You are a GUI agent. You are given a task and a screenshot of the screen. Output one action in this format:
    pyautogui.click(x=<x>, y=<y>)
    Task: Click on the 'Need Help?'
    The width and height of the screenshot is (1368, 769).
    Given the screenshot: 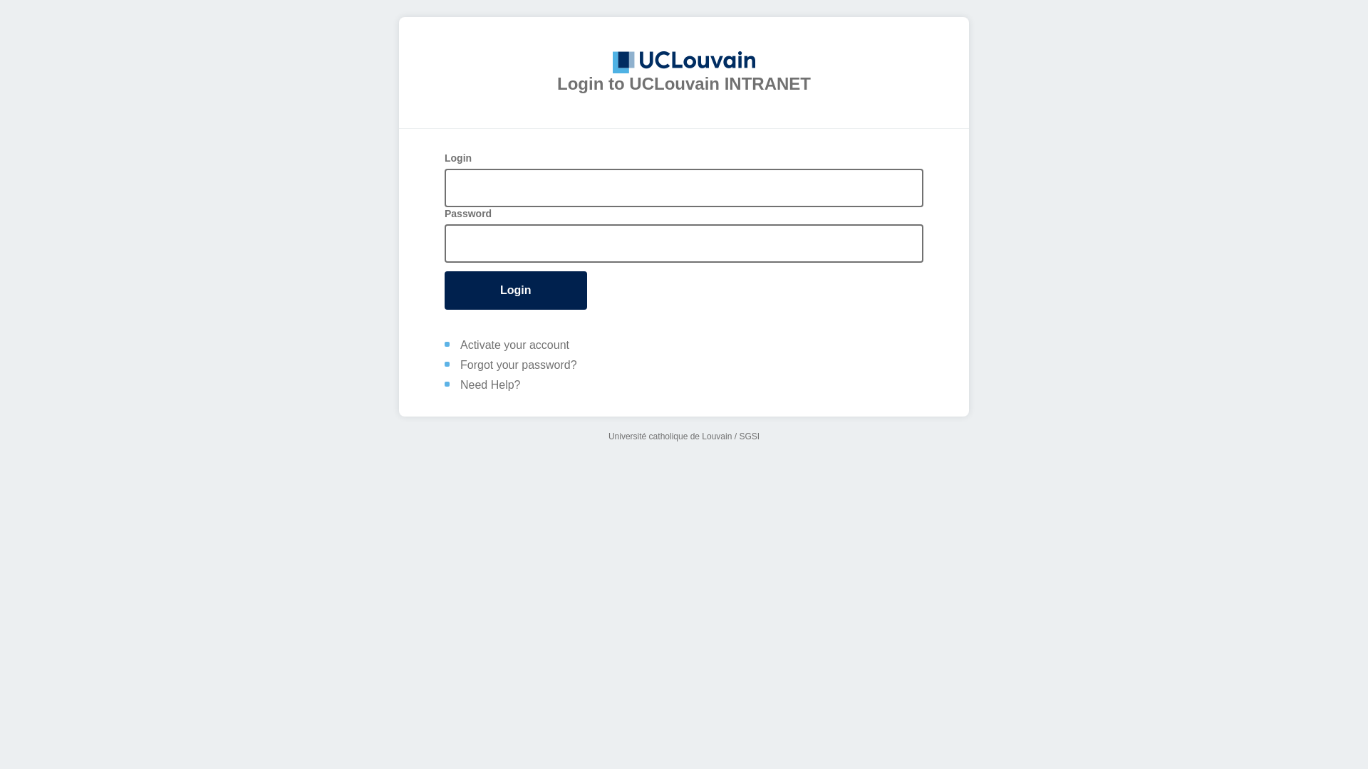 What is the action you would take?
    pyautogui.click(x=490, y=384)
    